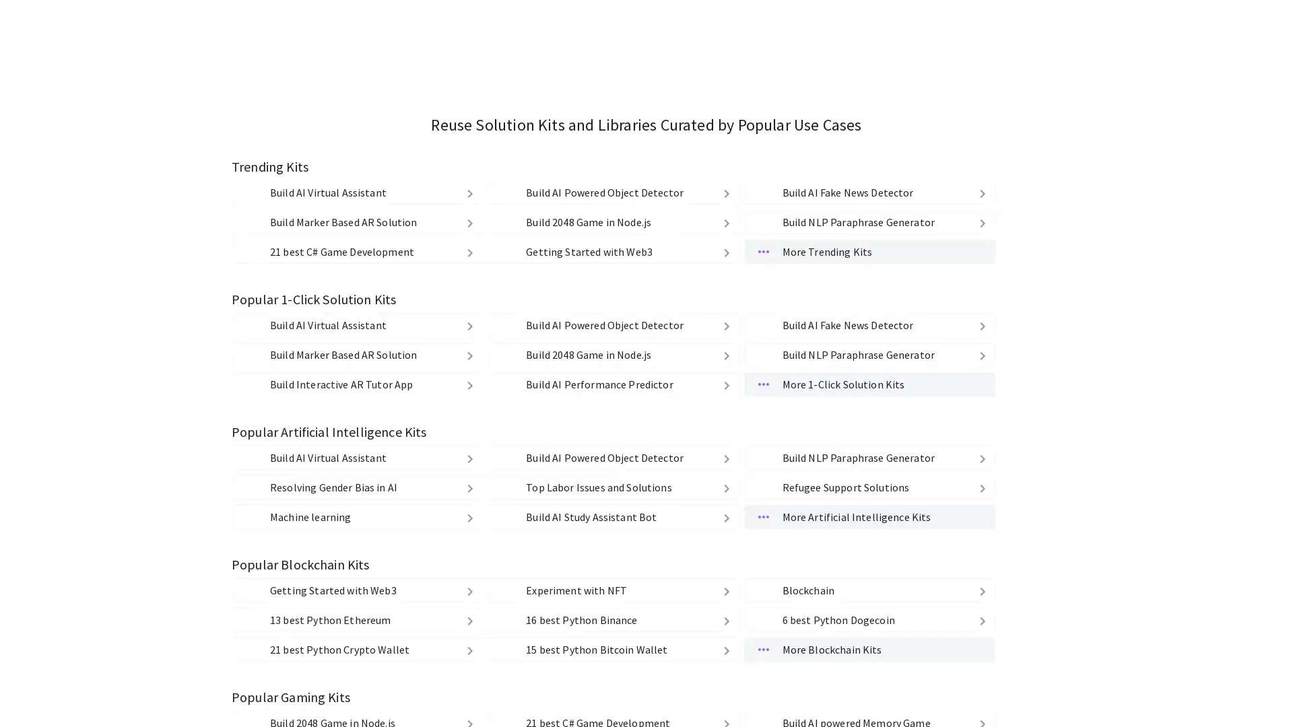  I want to click on kandi github, so click(1230, 46).